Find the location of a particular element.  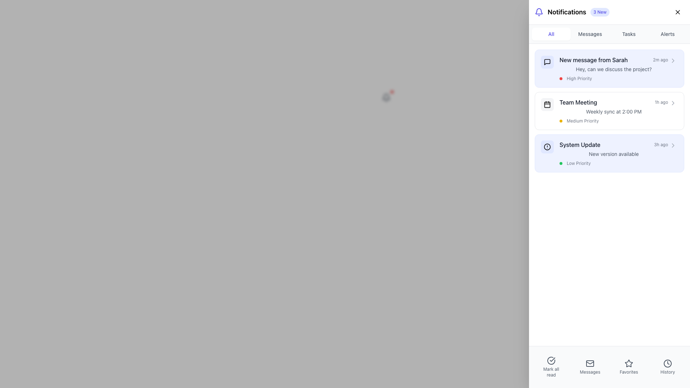

the fourth tab button located at the top-right of the tab group is located at coordinates (667, 34).